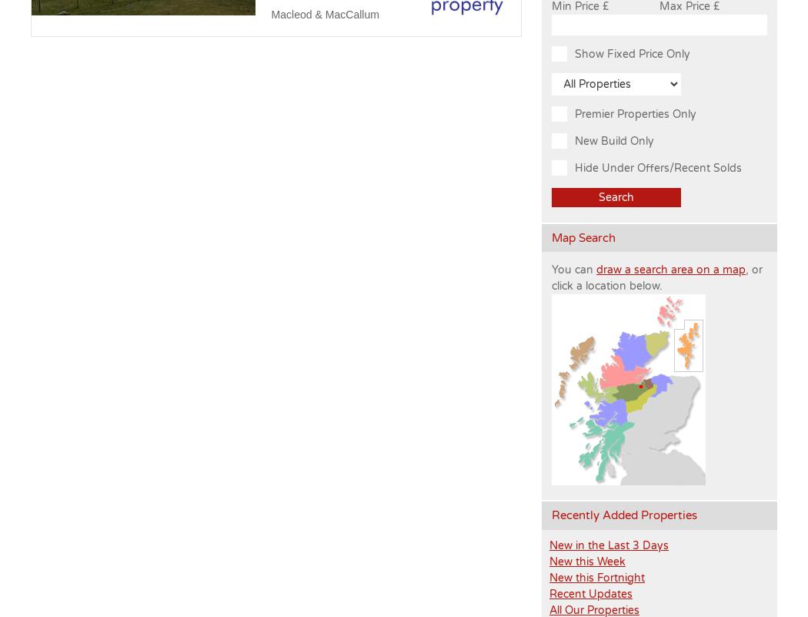  What do you see at coordinates (324, 14) in the screenshot?
I see `'Macleod & MacCallum'` at bounding box center [324, 14].